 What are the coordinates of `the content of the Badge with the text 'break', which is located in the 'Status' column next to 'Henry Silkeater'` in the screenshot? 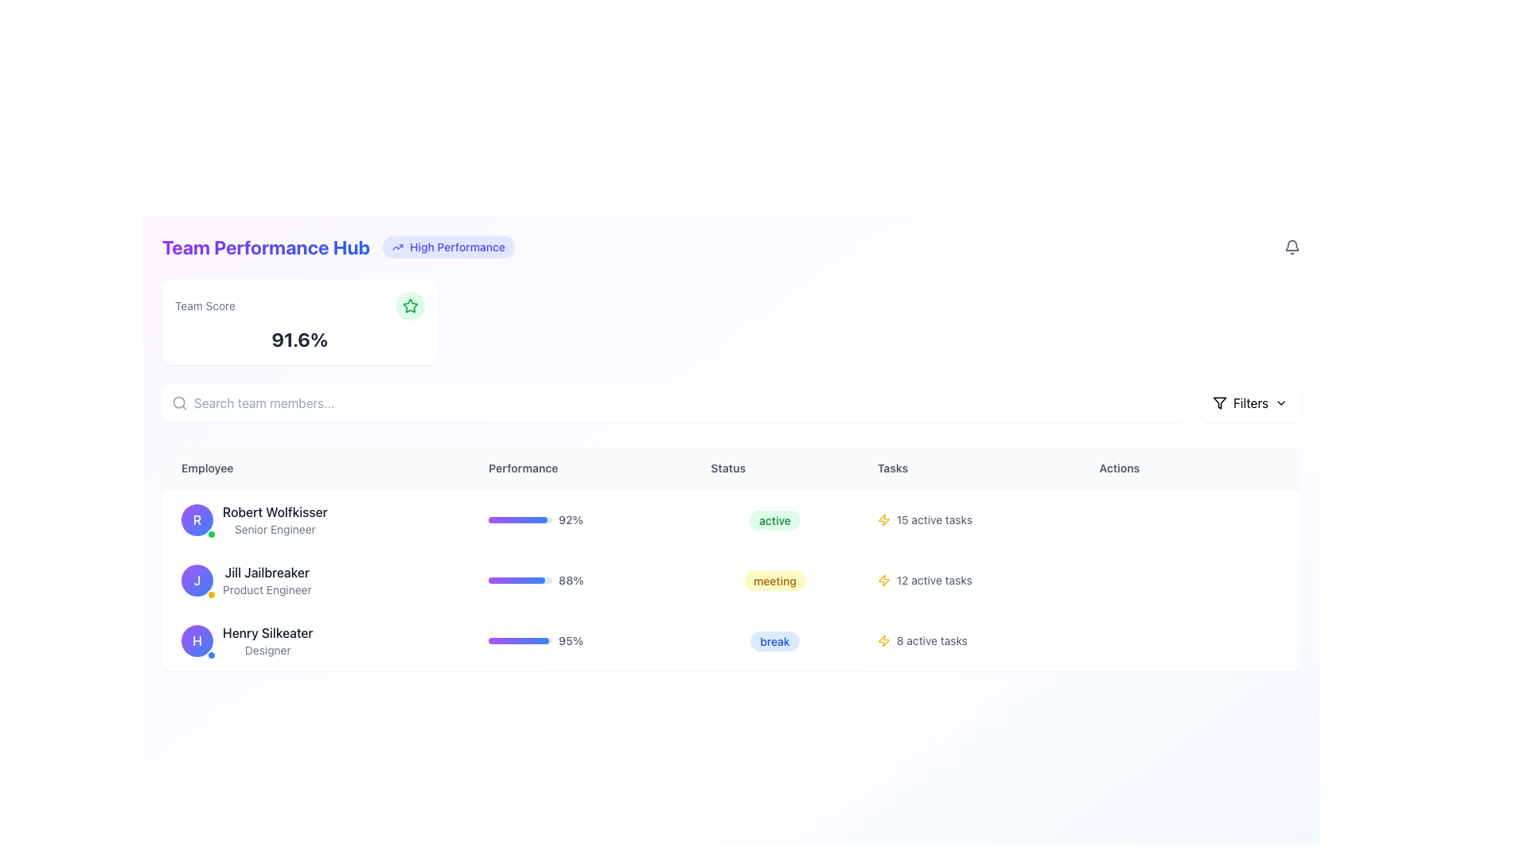 It's located at (775, 640).